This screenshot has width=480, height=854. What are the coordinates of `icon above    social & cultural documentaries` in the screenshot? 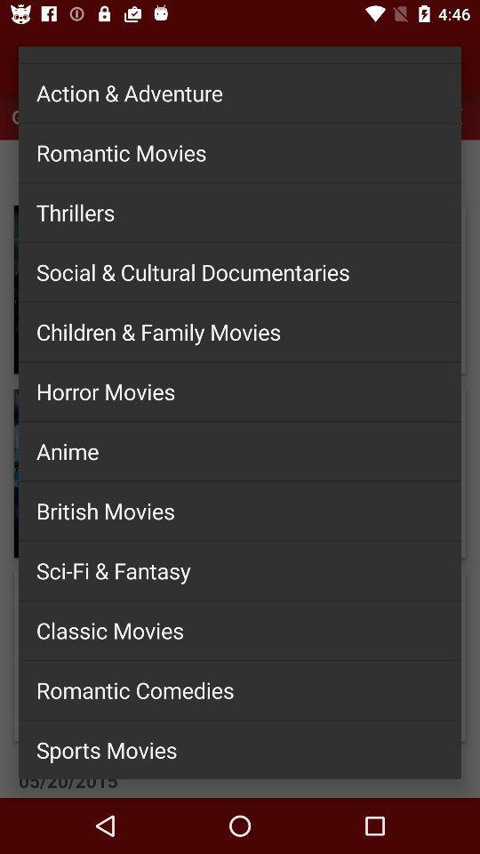 It's located at (240, 212).